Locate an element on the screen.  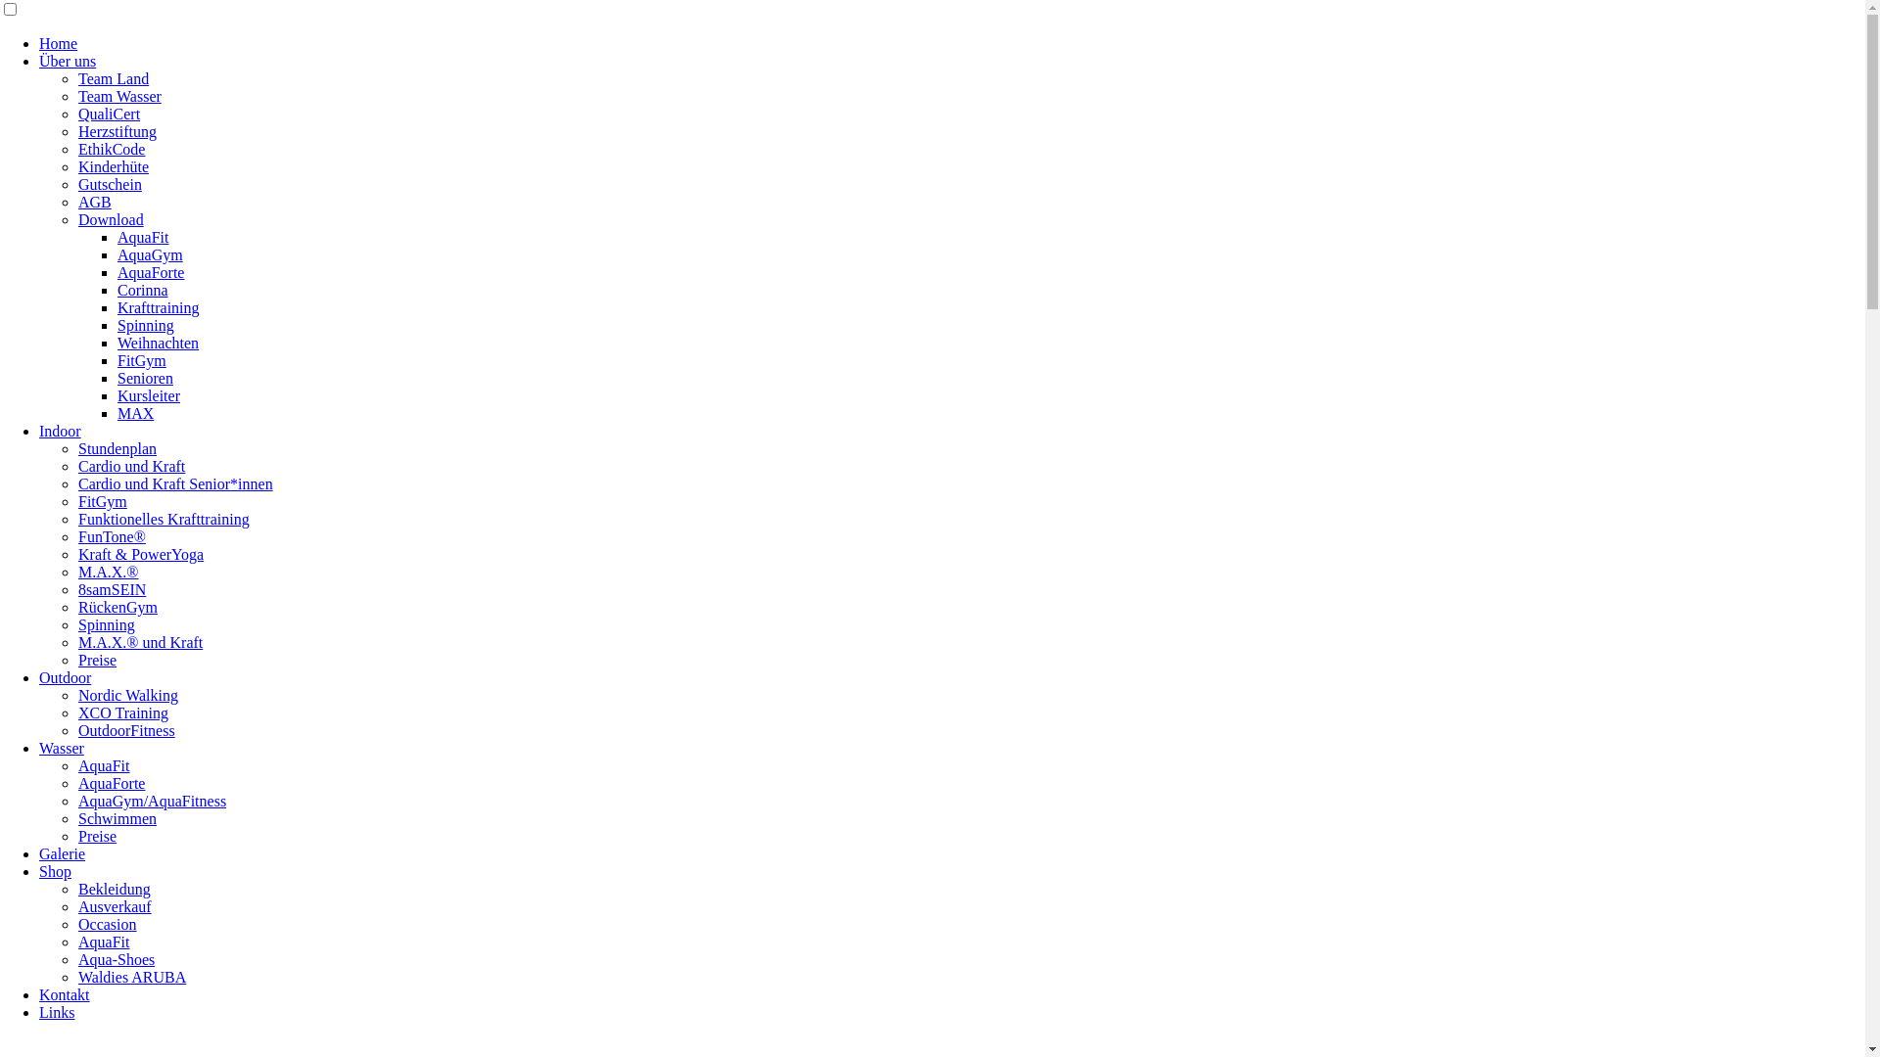
'Shop' is located at coordinates (55, 870).